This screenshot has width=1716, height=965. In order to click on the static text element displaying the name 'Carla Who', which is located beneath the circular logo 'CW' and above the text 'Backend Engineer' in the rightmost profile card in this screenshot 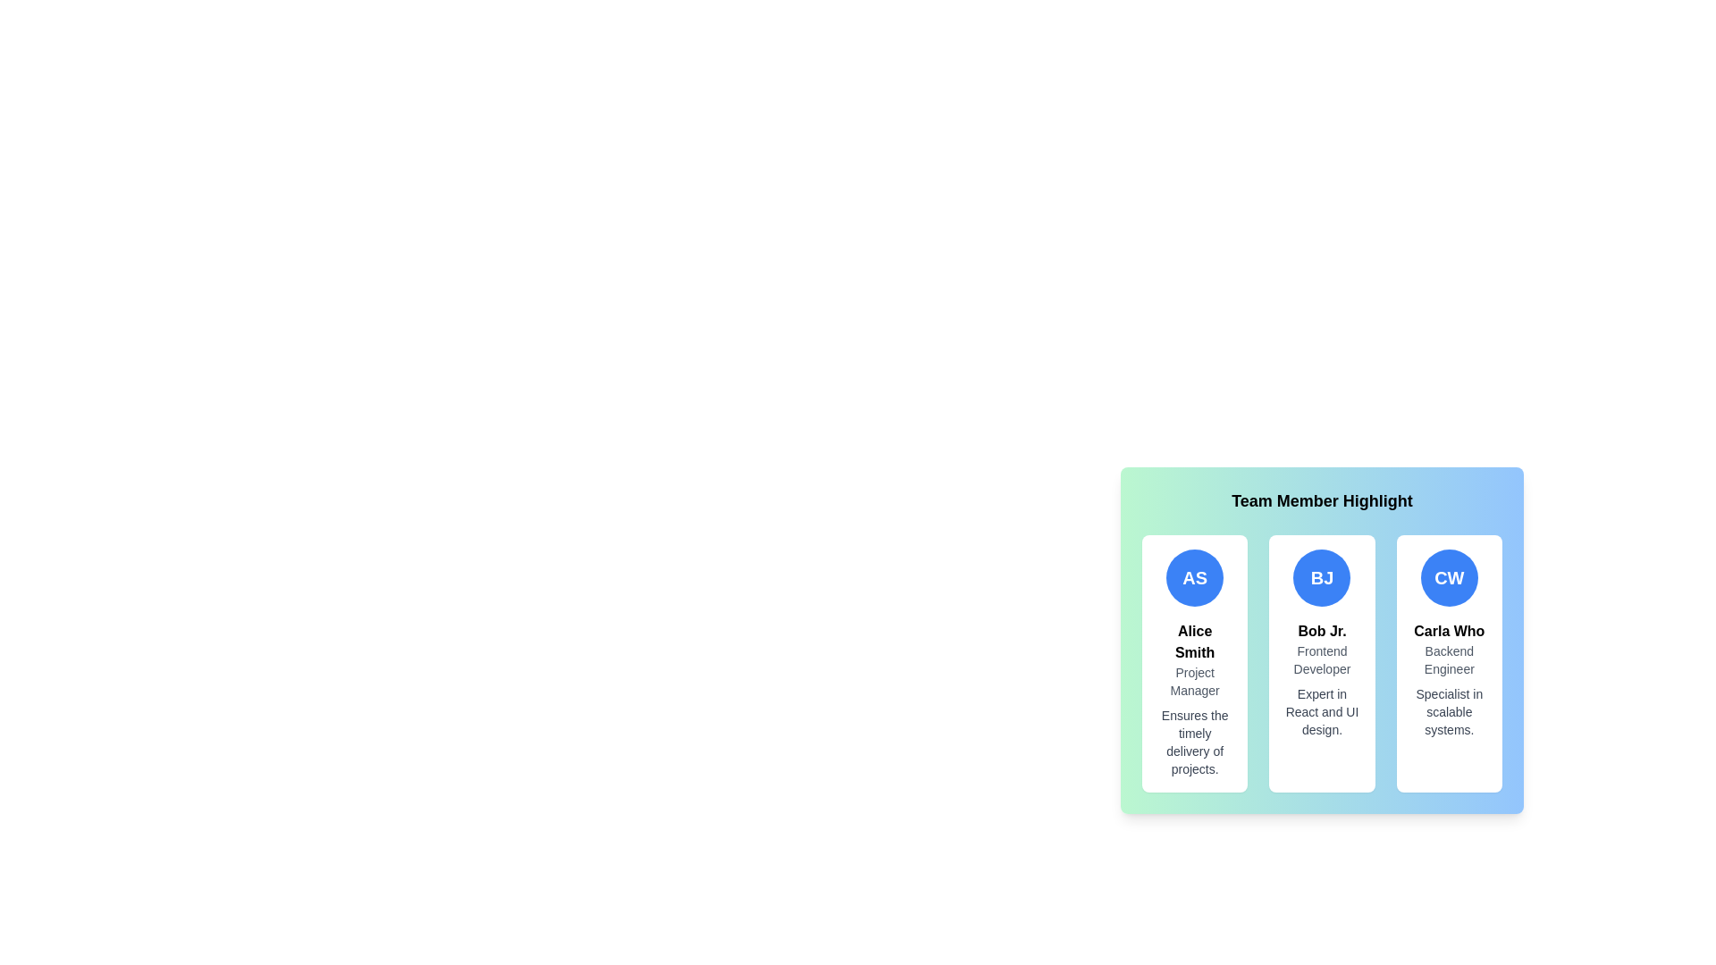, I will do `click(1449, 630)`.